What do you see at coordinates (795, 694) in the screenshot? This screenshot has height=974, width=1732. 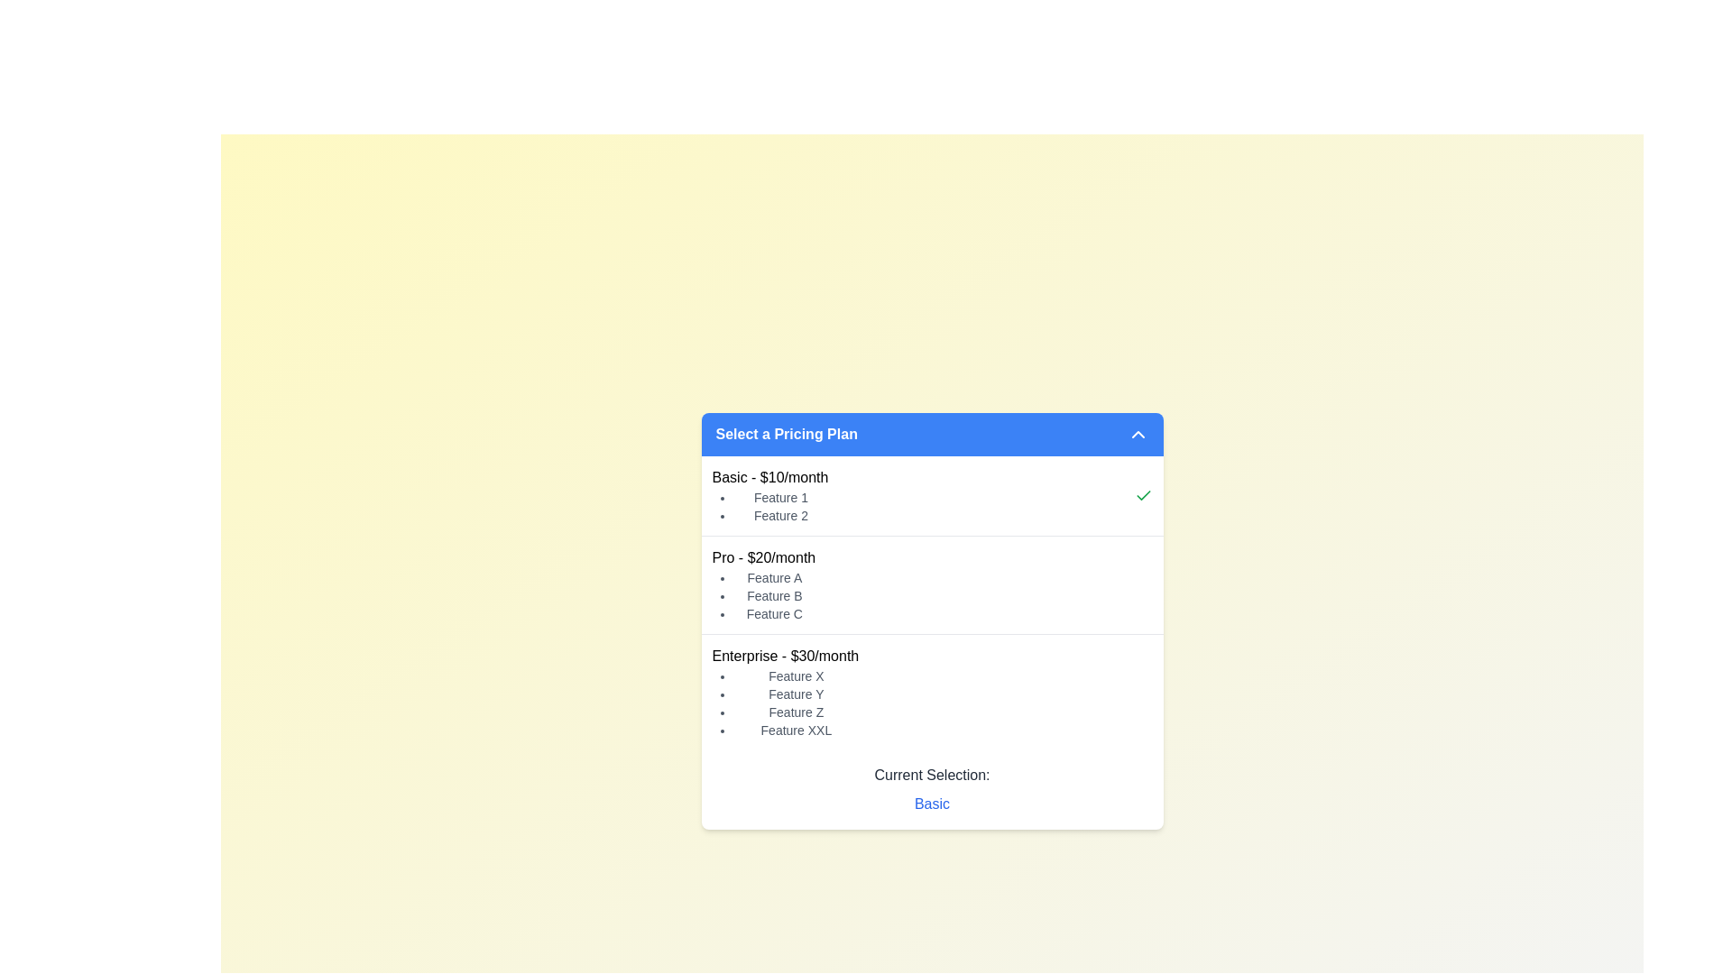 I see `the text label displaying 'Feature Y' under the 'Enterprise - $30/month' heading` at bounding box center [795, 694].